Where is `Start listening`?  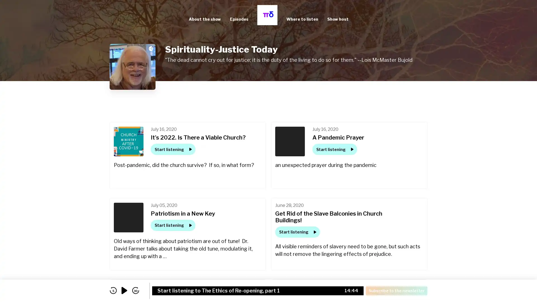 Start listening is located at coordinates (173, 225).